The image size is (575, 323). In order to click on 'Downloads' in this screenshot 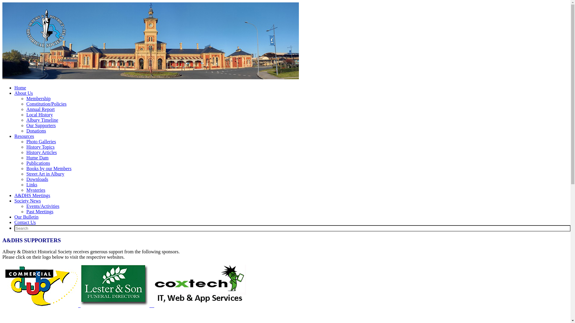, I will do `click(37, 179)`.